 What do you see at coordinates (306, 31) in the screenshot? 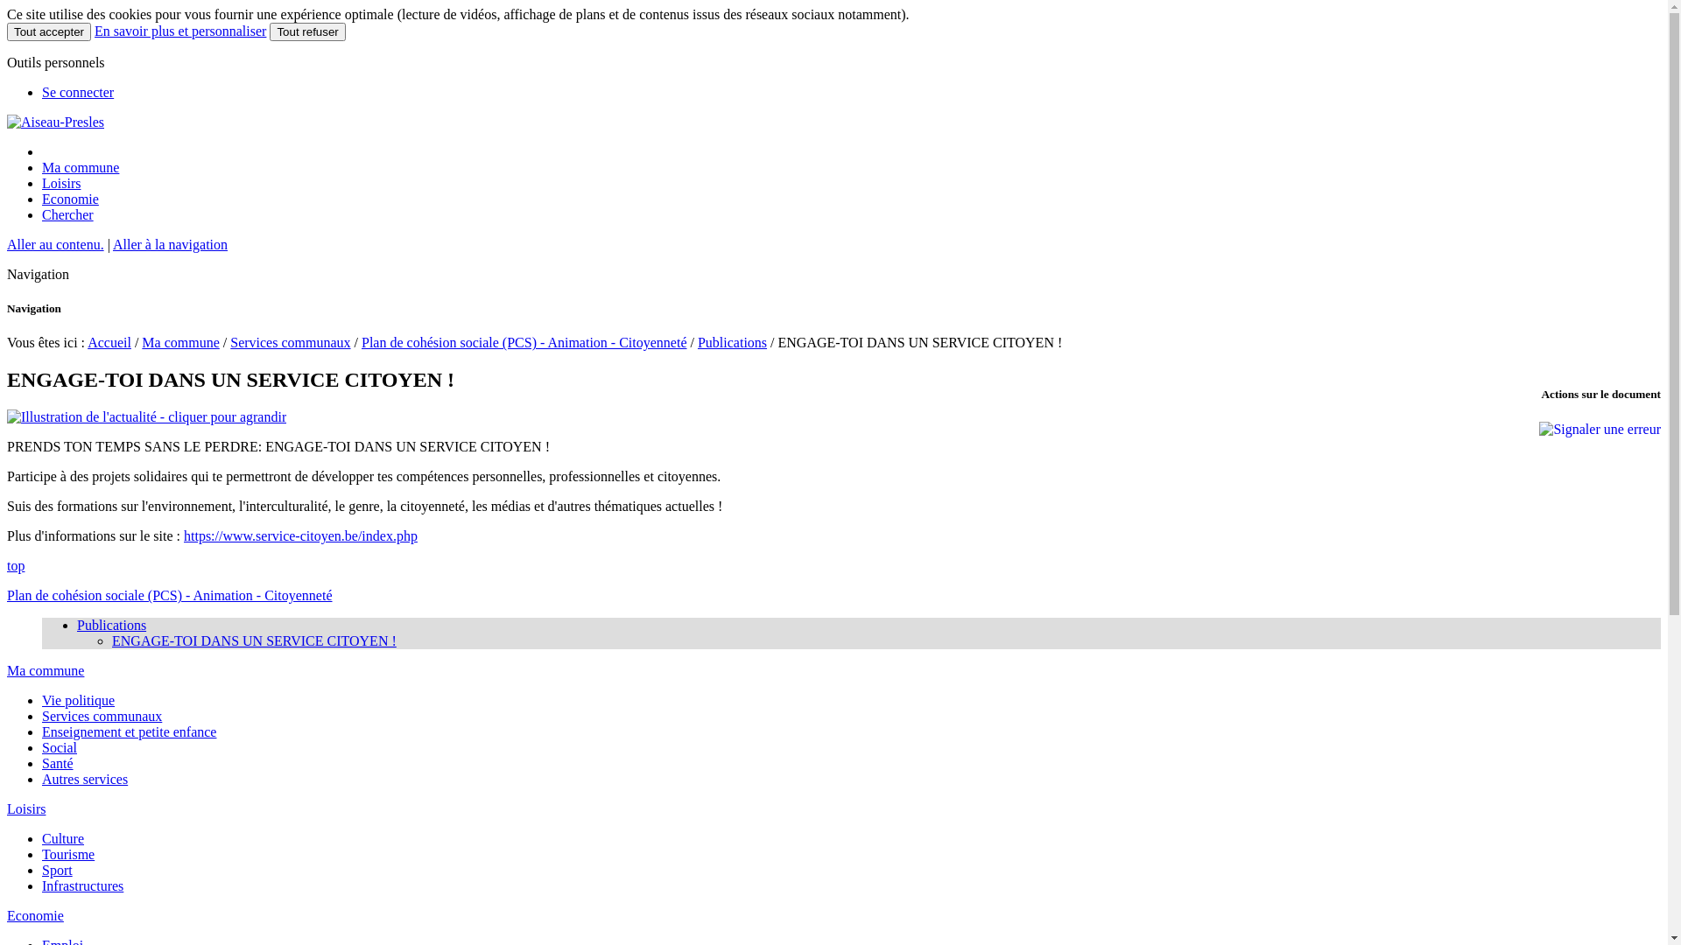
I see `'Tout refuser'` at bounding box center [306, 31].